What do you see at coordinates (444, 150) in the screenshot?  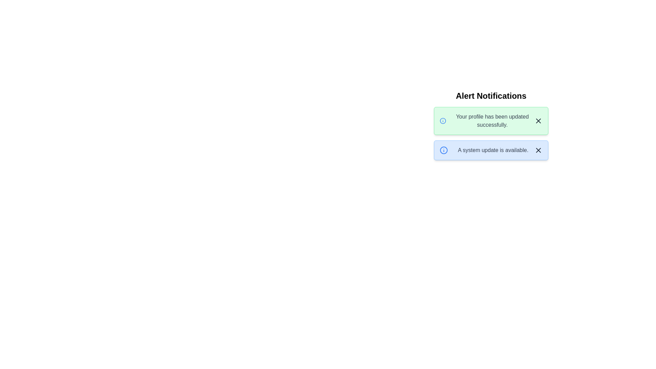 I see `the caution icon located on the leftmost side of the notification box containing the text 'A system update is available.'` at bounding box center [444, 150].